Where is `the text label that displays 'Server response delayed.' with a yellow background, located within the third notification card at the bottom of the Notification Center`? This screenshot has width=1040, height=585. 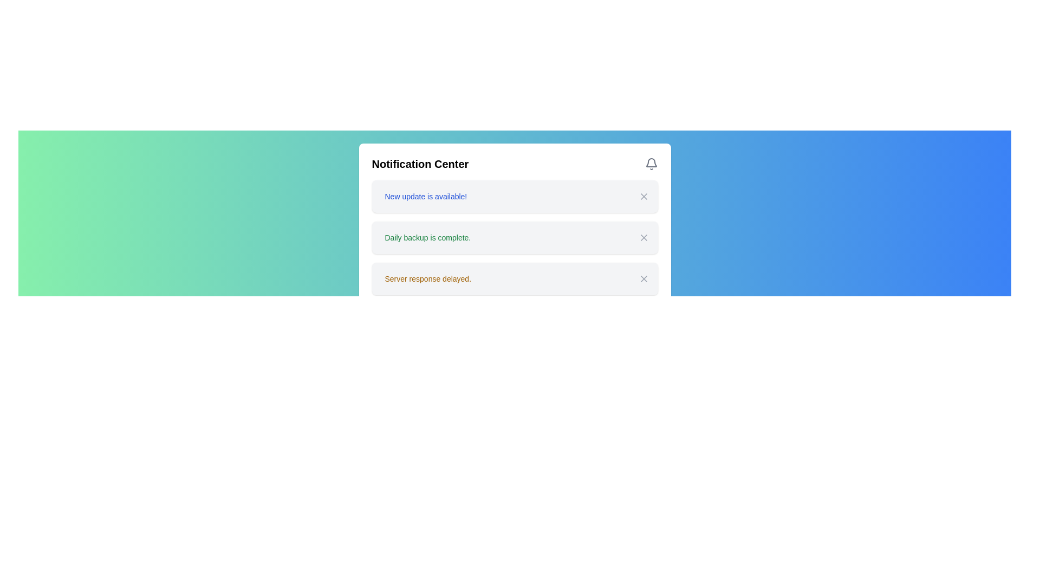 the text label that displays 'Server response delayed.' with a yellow background, located within the third notification card at the bottom of the Notification Center is located at coordinates (427, 278).